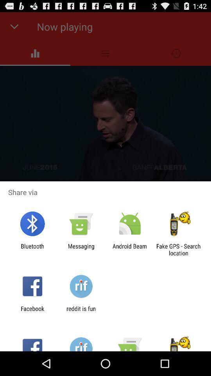  What do you see at coordinates (80, 249) in the screenshot?
I see `the messaging app` at bounding box center [80, 249].